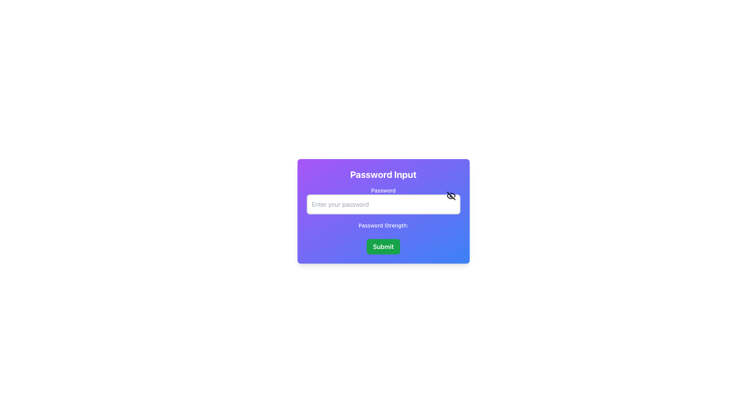 This screenshot has width=738, height=415. I want to click on the green 'Submit' button with rounded edges located at the bottom of the 'Password Input' panel for keyboard interaction, so click(383, 246).